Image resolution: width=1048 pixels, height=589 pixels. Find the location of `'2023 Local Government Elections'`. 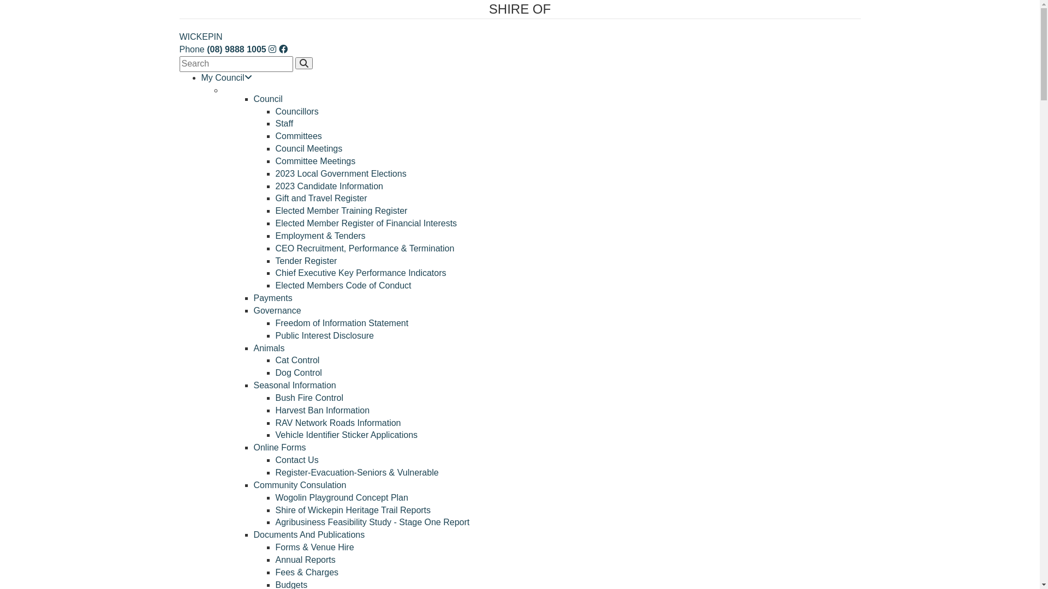

'2023 Local Government Elections' is located at coordinates (275, 173).